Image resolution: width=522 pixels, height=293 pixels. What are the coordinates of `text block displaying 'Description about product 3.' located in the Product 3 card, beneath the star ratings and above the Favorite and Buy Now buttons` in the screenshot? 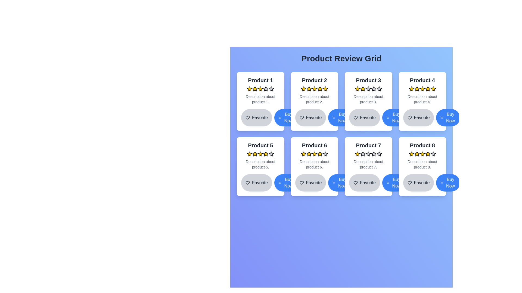 It's located at (368, 99).